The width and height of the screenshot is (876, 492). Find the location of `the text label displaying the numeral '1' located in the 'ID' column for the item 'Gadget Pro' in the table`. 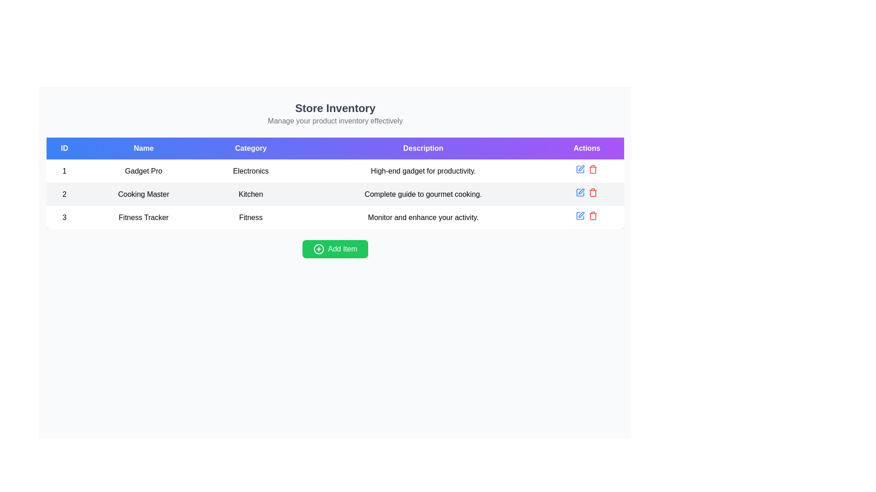

the text label displaying the numeral '1' located in the 'ID' column for the item 'Gadget Pro' in the table is located at coordinates (64, 171).